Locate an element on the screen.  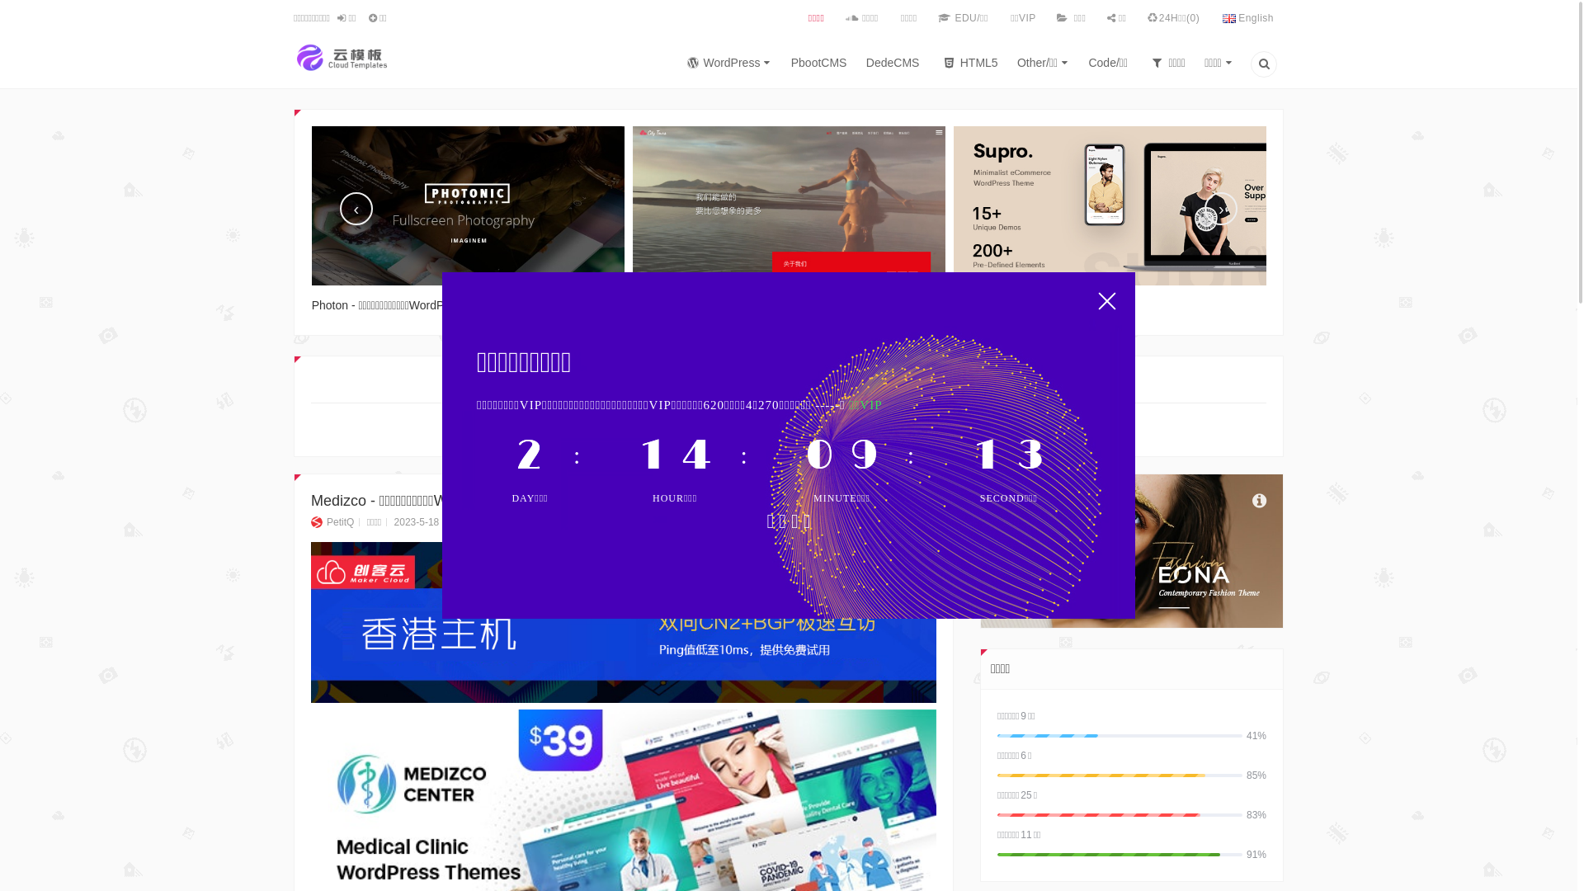
'English' is located at coordinates (1247, 18).